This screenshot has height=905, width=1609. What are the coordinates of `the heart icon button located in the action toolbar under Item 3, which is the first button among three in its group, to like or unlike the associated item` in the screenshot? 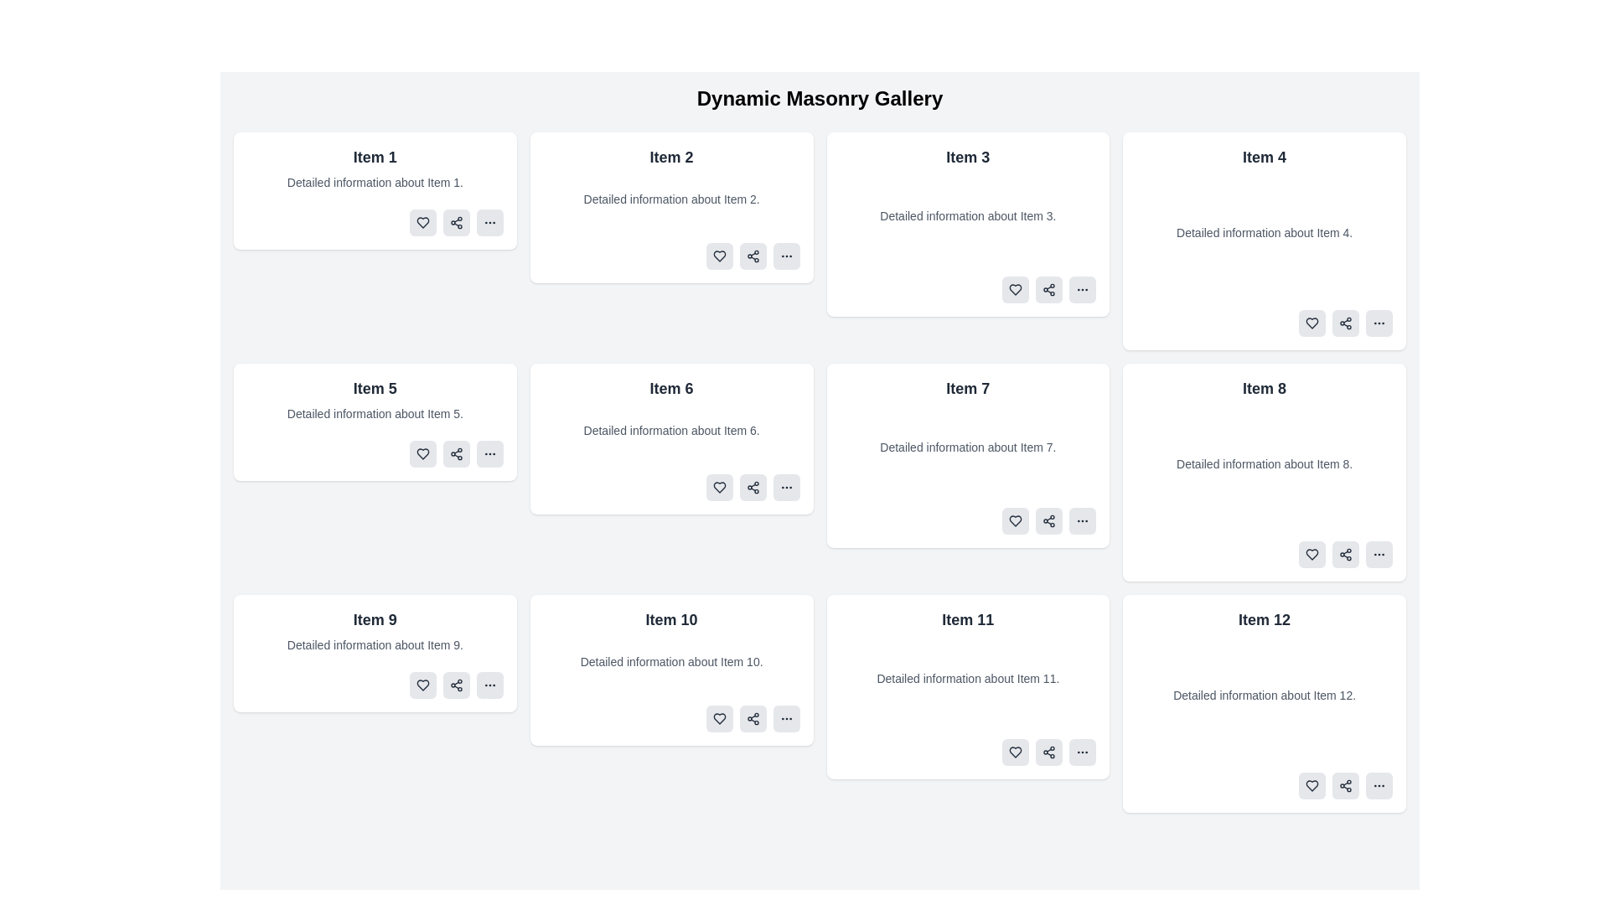 It's located at (1015, 289).